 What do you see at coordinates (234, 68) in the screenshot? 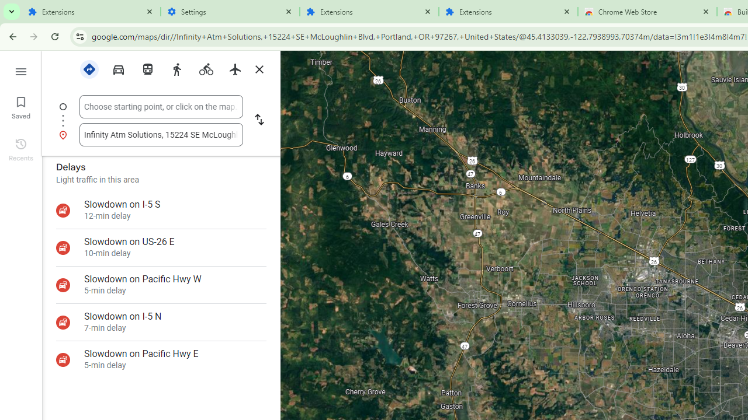
I see `'Flights'` at bounding box center [234, 68].